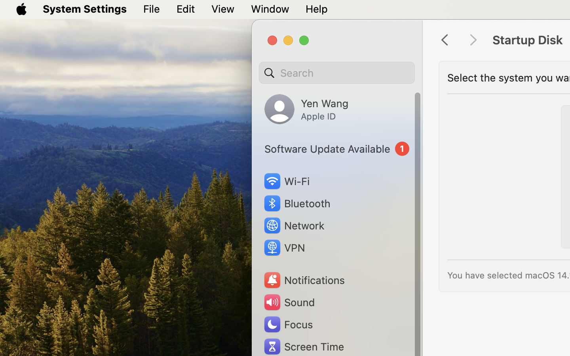 The height and width of the screenshot is (356, 570). I want to click on 'VPN', so click(283, 248).